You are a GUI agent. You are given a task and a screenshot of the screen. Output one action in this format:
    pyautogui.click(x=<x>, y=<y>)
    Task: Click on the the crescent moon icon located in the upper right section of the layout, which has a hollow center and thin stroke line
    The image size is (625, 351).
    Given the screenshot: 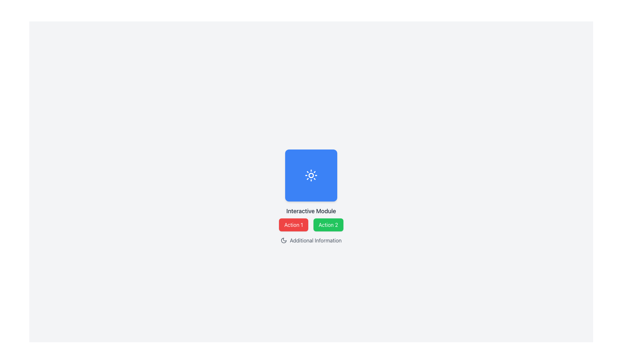 What is the action you would take?
    pyautogui.click(x=284, y=240)
    